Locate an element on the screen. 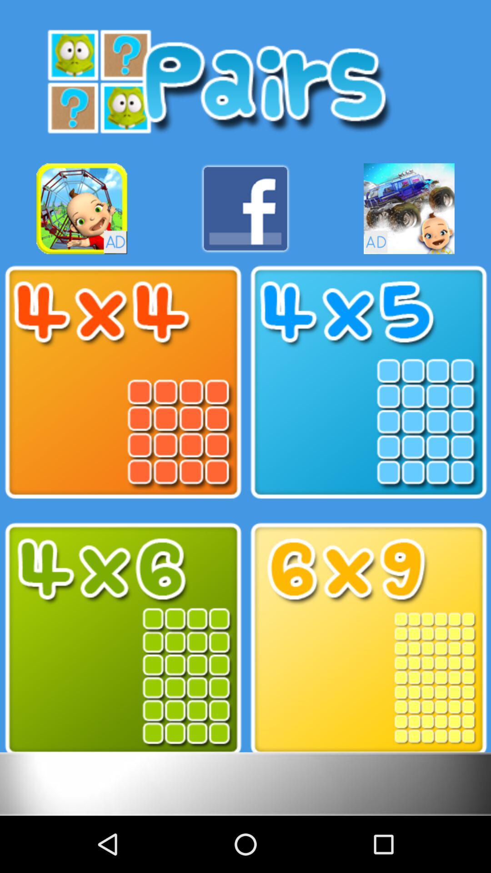  check to facebook is located at coordinates (245, 208).